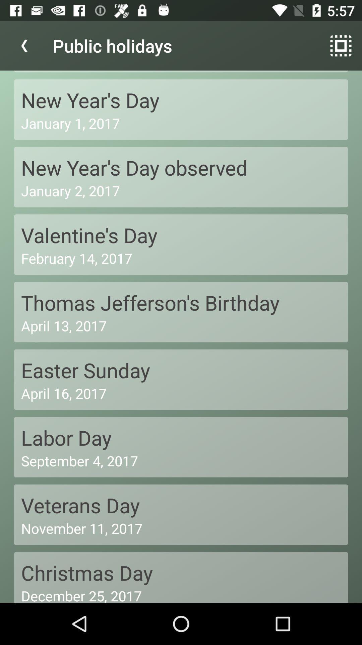 The image size is (362, 645). I want to click on item below labor day icon, so click(181, 460).